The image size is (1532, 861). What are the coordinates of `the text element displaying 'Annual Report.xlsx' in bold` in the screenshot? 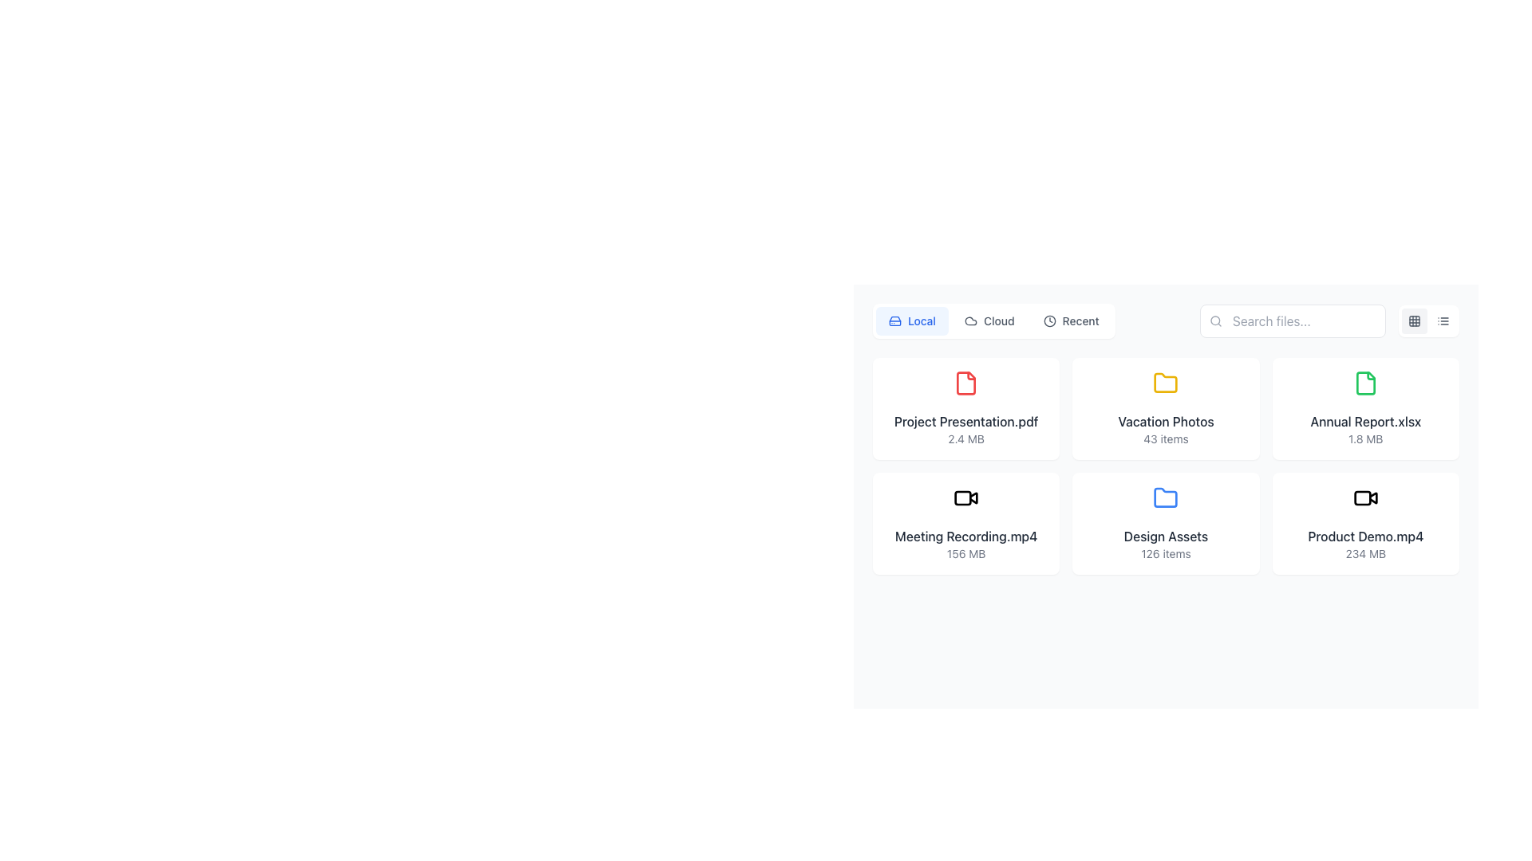 It's located at (1364, 429).